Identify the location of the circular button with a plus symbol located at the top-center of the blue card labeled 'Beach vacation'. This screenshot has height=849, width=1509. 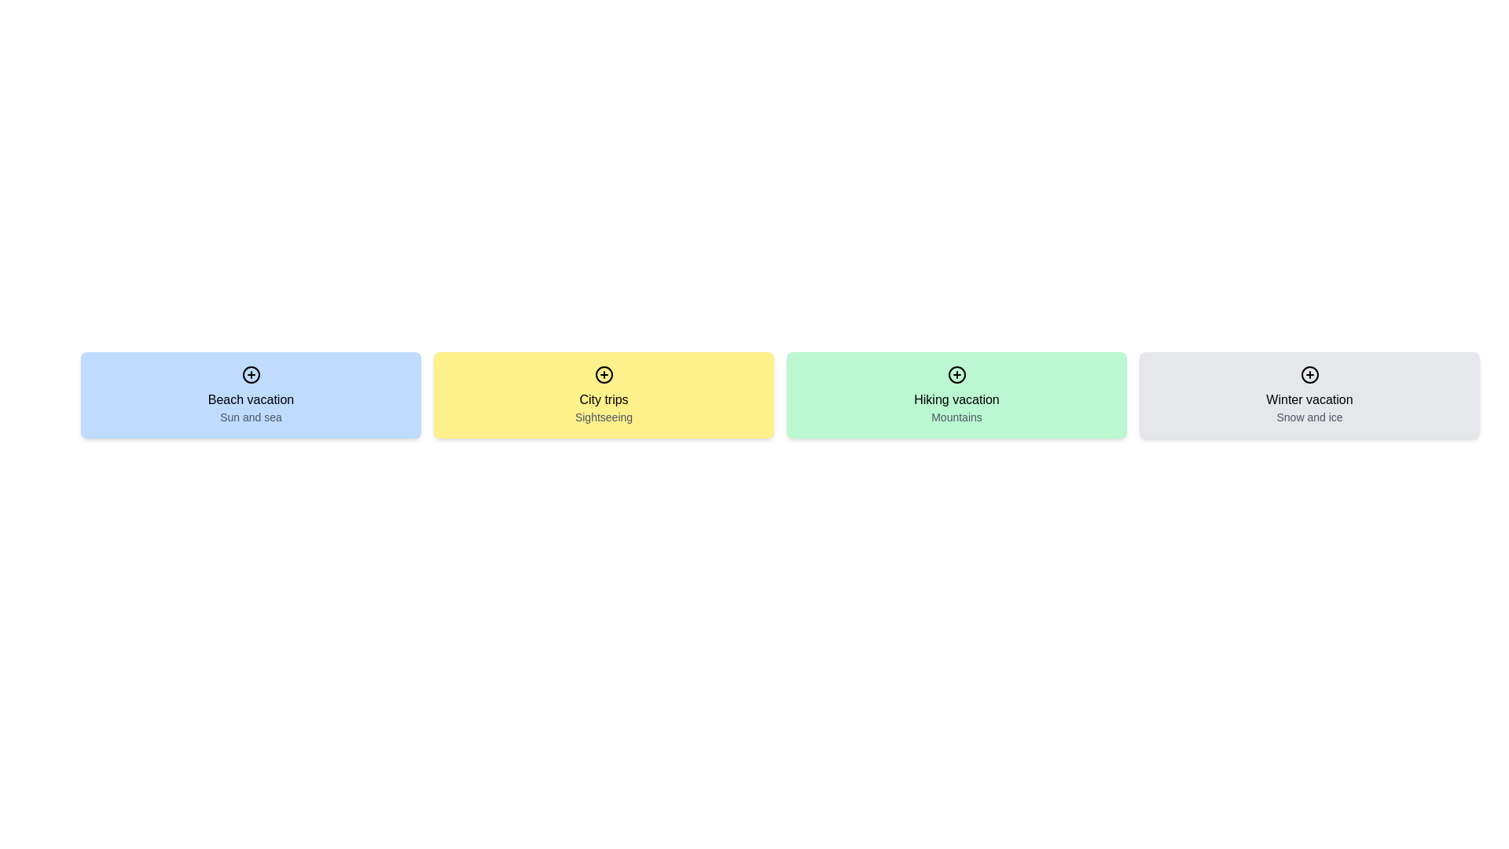
(250, 375).